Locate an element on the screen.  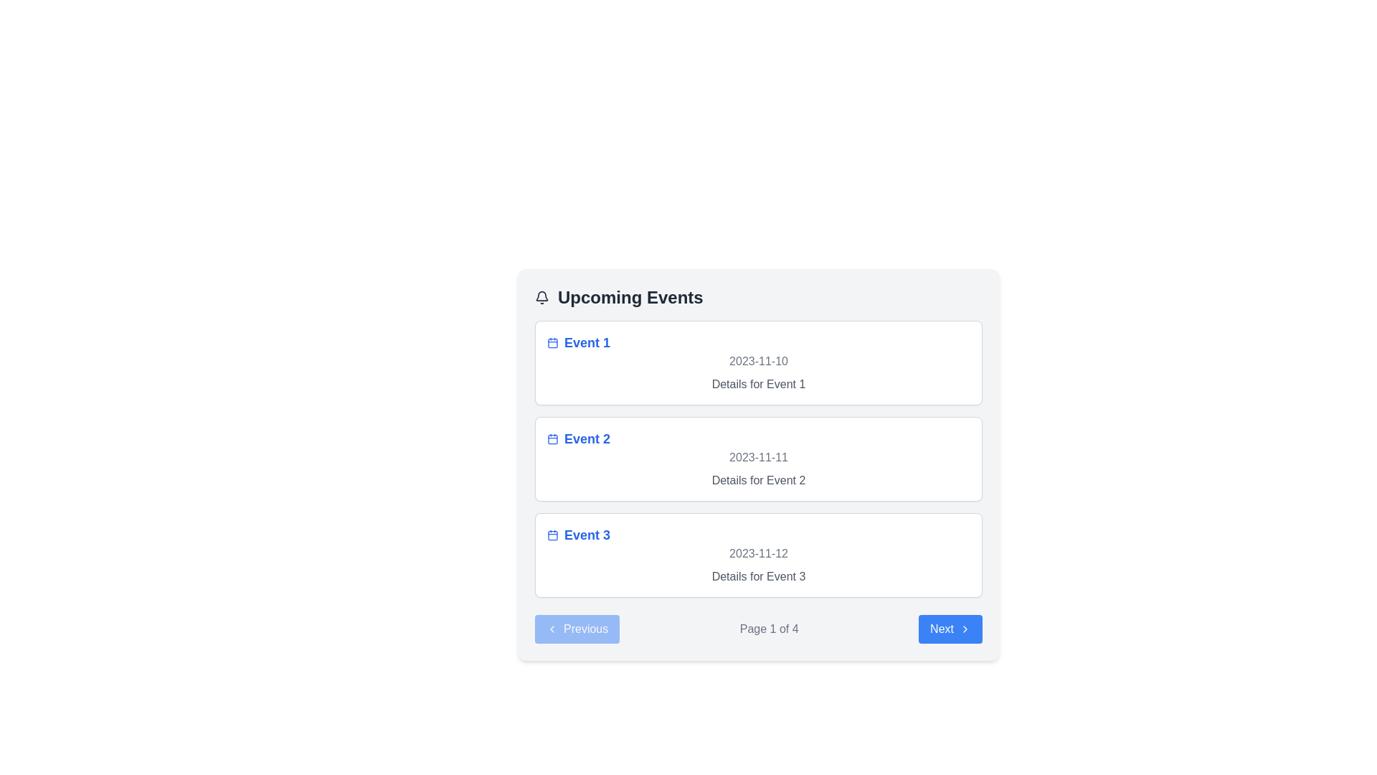
the information card displaying details for 'Event 2' in the 'Upcoming Events' section is located at coordinates (757, 459).